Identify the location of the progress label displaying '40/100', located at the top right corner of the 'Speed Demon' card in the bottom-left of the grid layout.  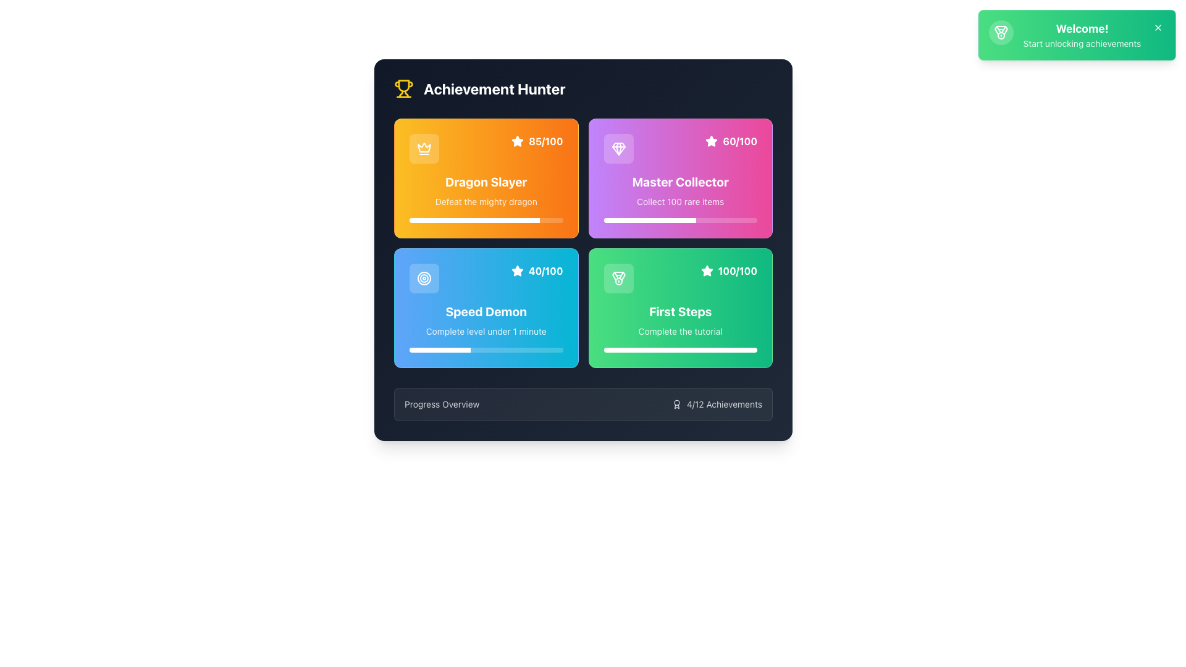
(537, 271).